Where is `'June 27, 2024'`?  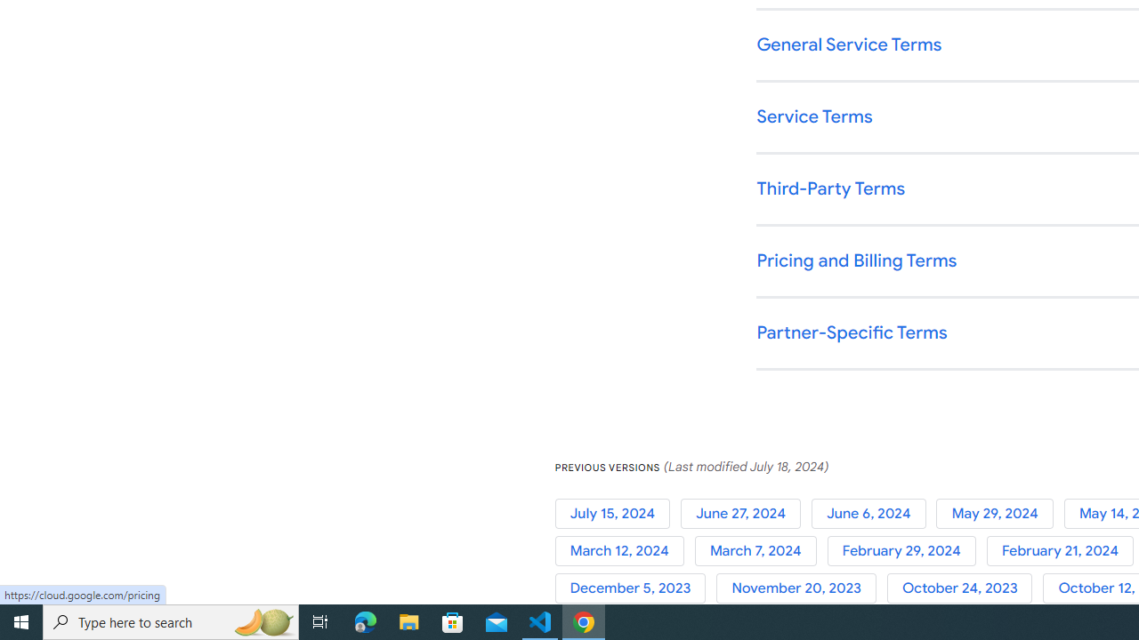
'June 27, 2024' is located at coordinates (745, 513).